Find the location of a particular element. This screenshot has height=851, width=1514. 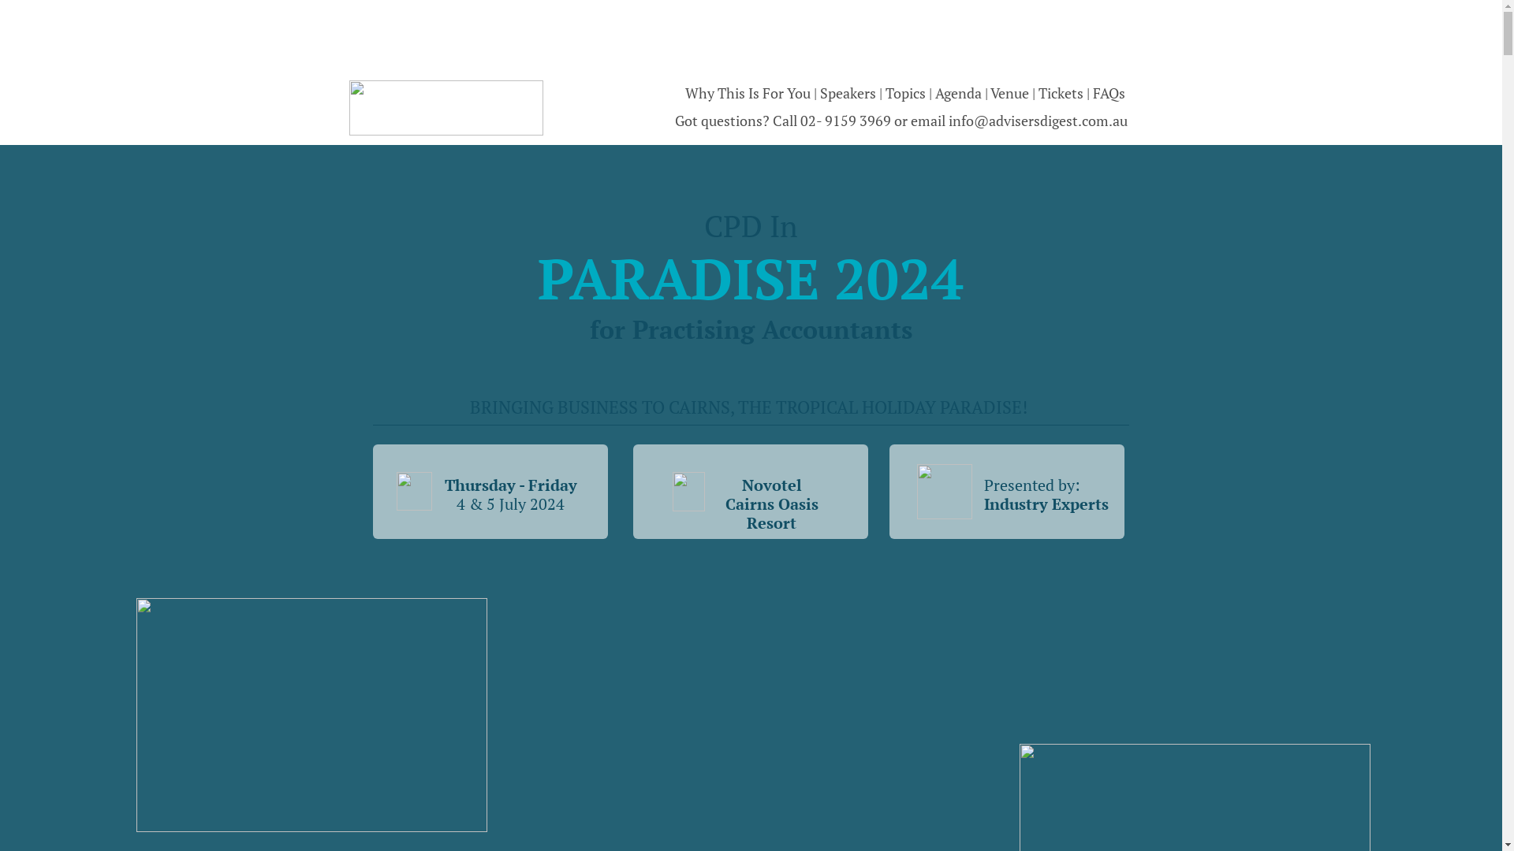

'Tickets' is located at coordinates (1061, 93).